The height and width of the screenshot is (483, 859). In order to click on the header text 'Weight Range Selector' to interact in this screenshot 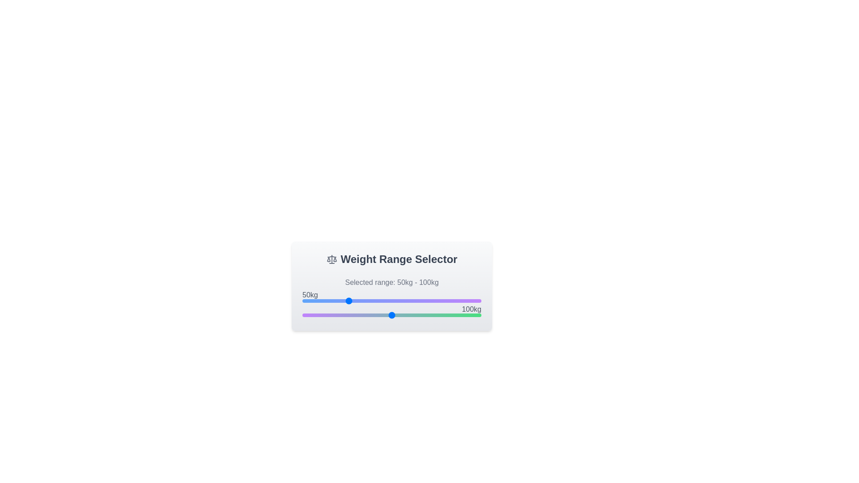, I will do `click(391, 259)`.